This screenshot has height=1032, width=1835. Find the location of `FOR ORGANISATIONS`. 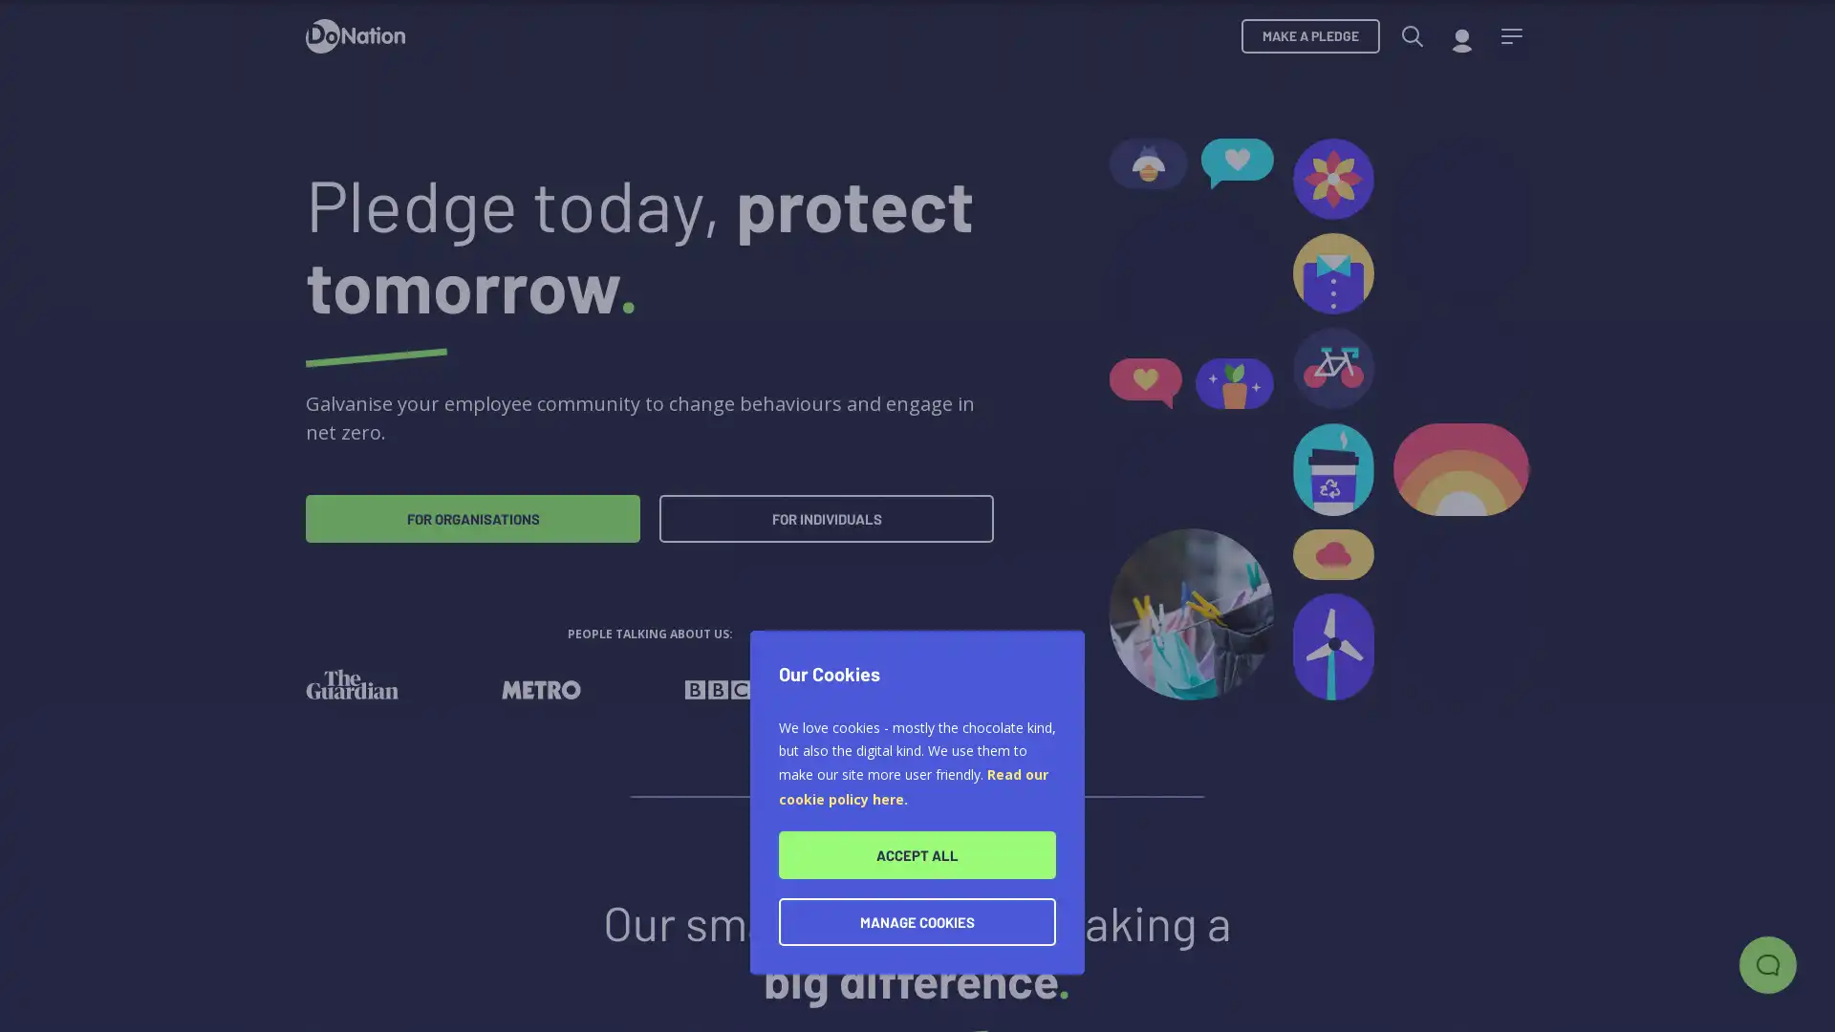

FOR ORGANISATIONS is located at coordinates (472, 519).